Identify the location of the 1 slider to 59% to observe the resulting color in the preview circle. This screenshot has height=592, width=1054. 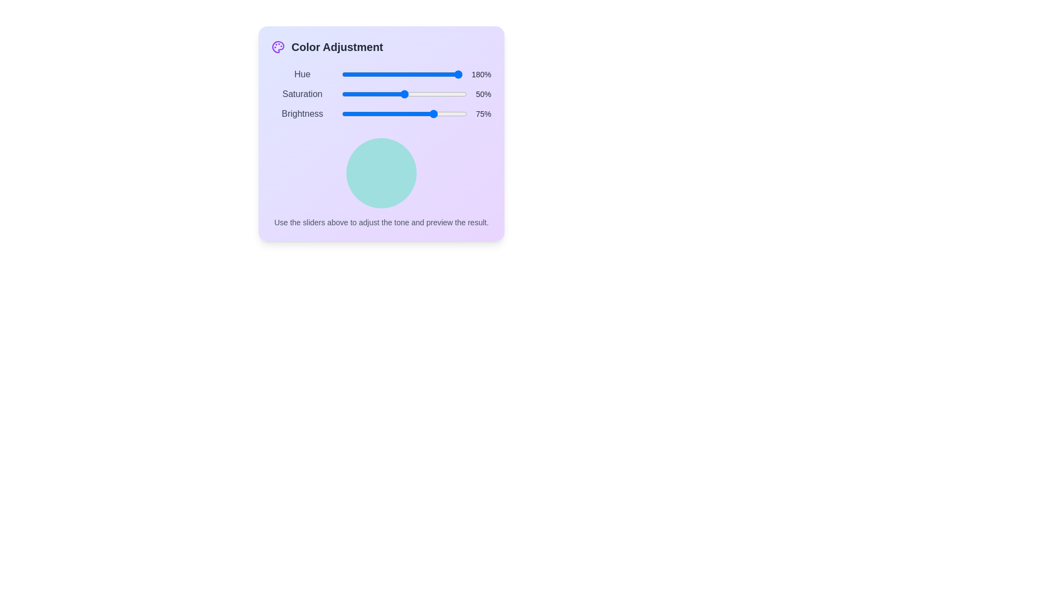
(412, 94).